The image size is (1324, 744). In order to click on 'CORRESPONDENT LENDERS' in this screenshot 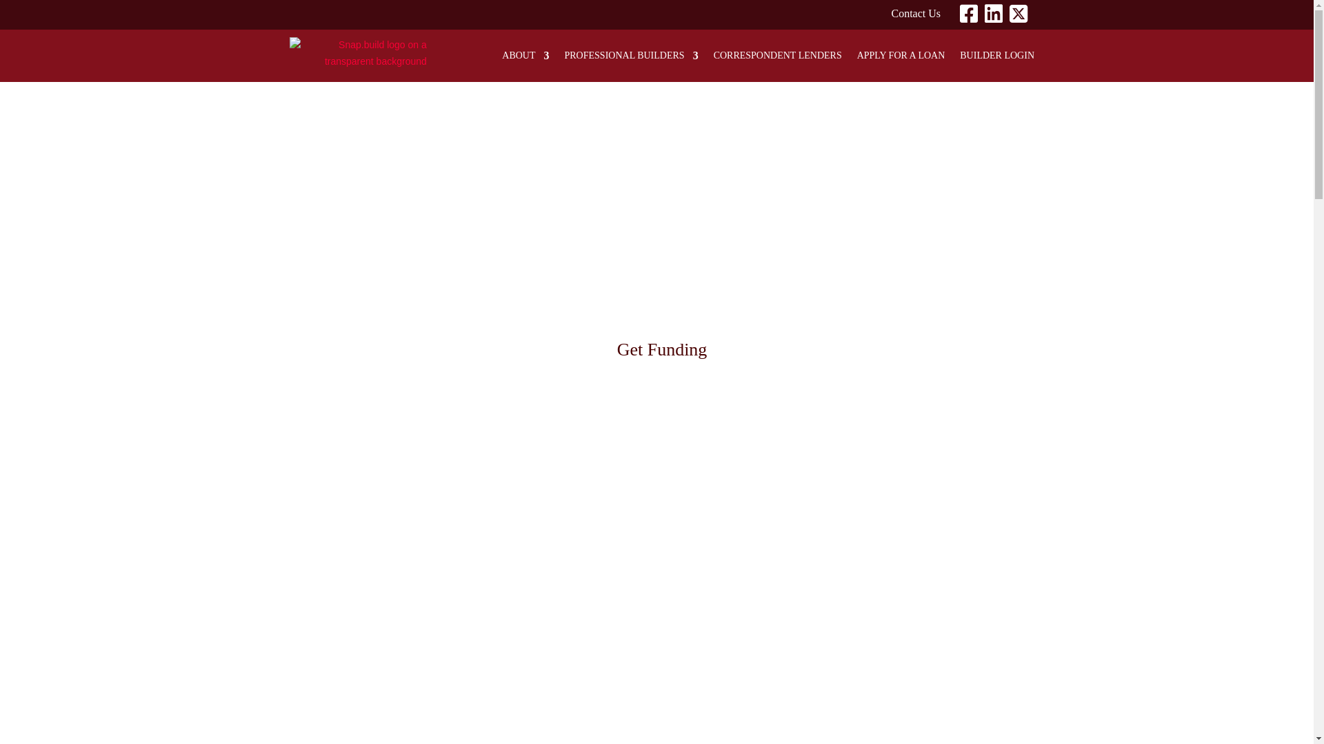, I will do `click(778, 55)`.